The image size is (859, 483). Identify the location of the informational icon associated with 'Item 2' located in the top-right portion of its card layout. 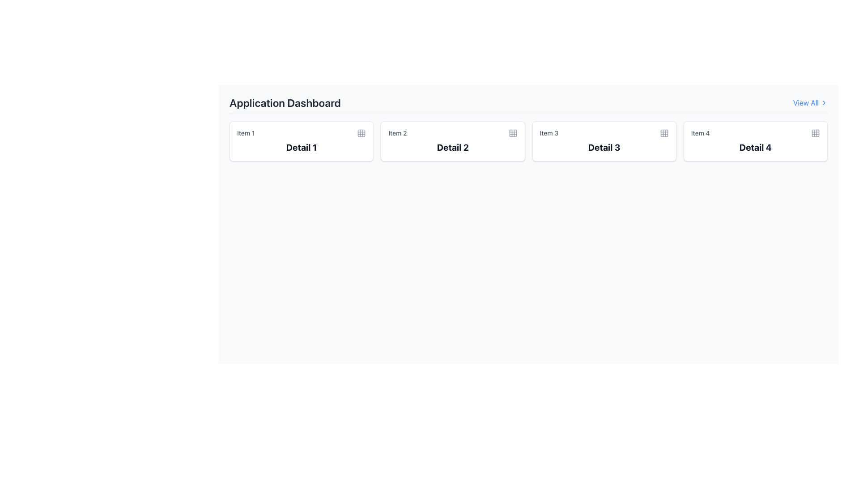
(513, 133).